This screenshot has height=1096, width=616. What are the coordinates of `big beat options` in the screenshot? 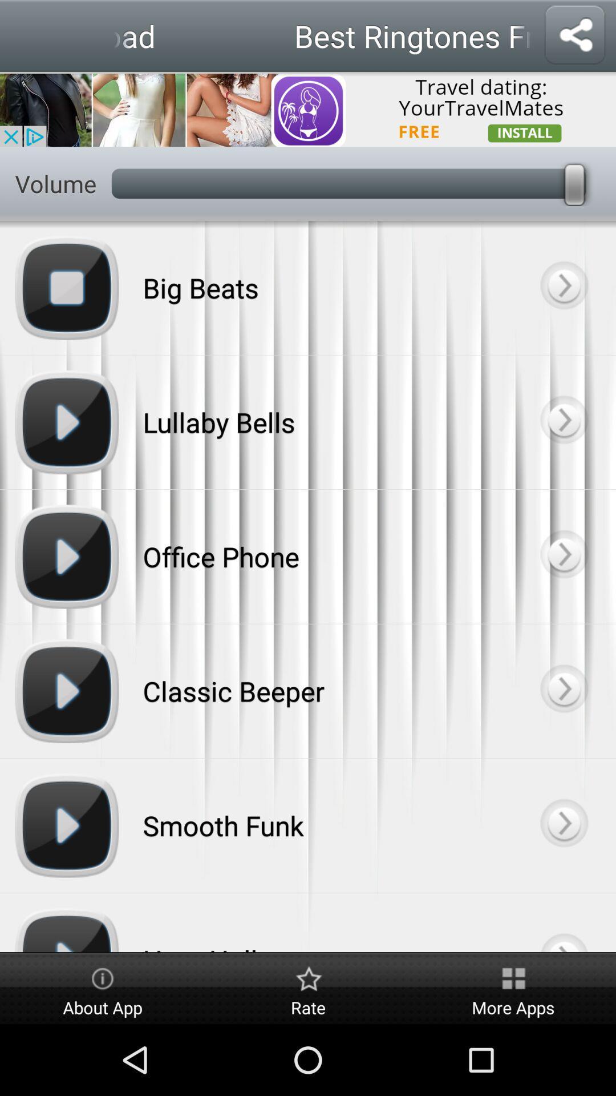 It's located at (563, 288).